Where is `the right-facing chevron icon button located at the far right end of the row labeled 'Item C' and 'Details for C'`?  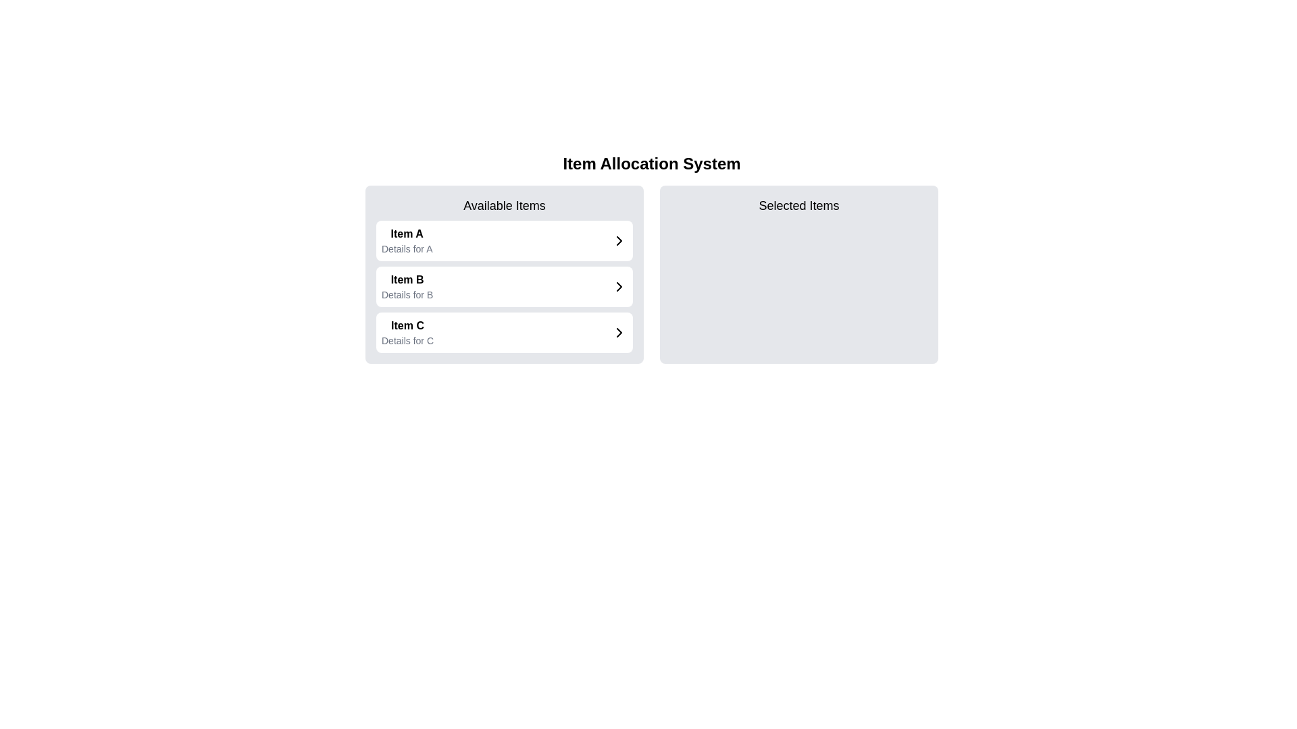
the right-facing chevron icon button located at the far right end of the row labeled 'Item C' and 'Details for C' is located at coordinates (618, 333).